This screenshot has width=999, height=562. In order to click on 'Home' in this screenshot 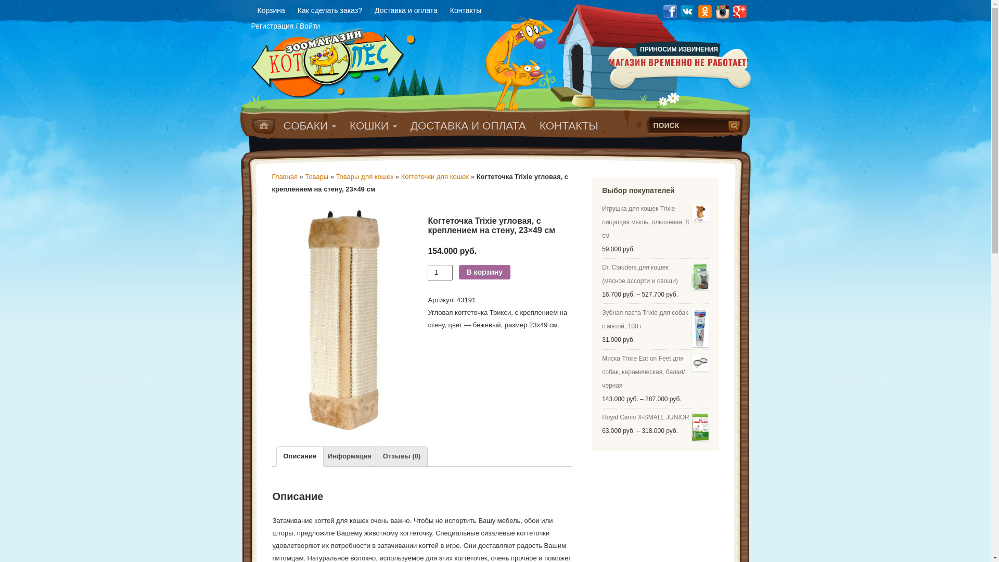, I will do `click(263, 125)`.